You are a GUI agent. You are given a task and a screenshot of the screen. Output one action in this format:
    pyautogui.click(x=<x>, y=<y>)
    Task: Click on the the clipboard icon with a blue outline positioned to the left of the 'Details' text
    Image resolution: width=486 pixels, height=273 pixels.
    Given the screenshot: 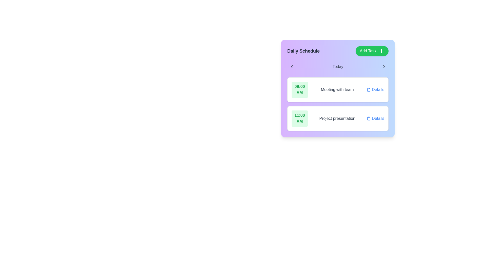 What is the action you would take?
    pyautogui.click(x=369, y=119)
    